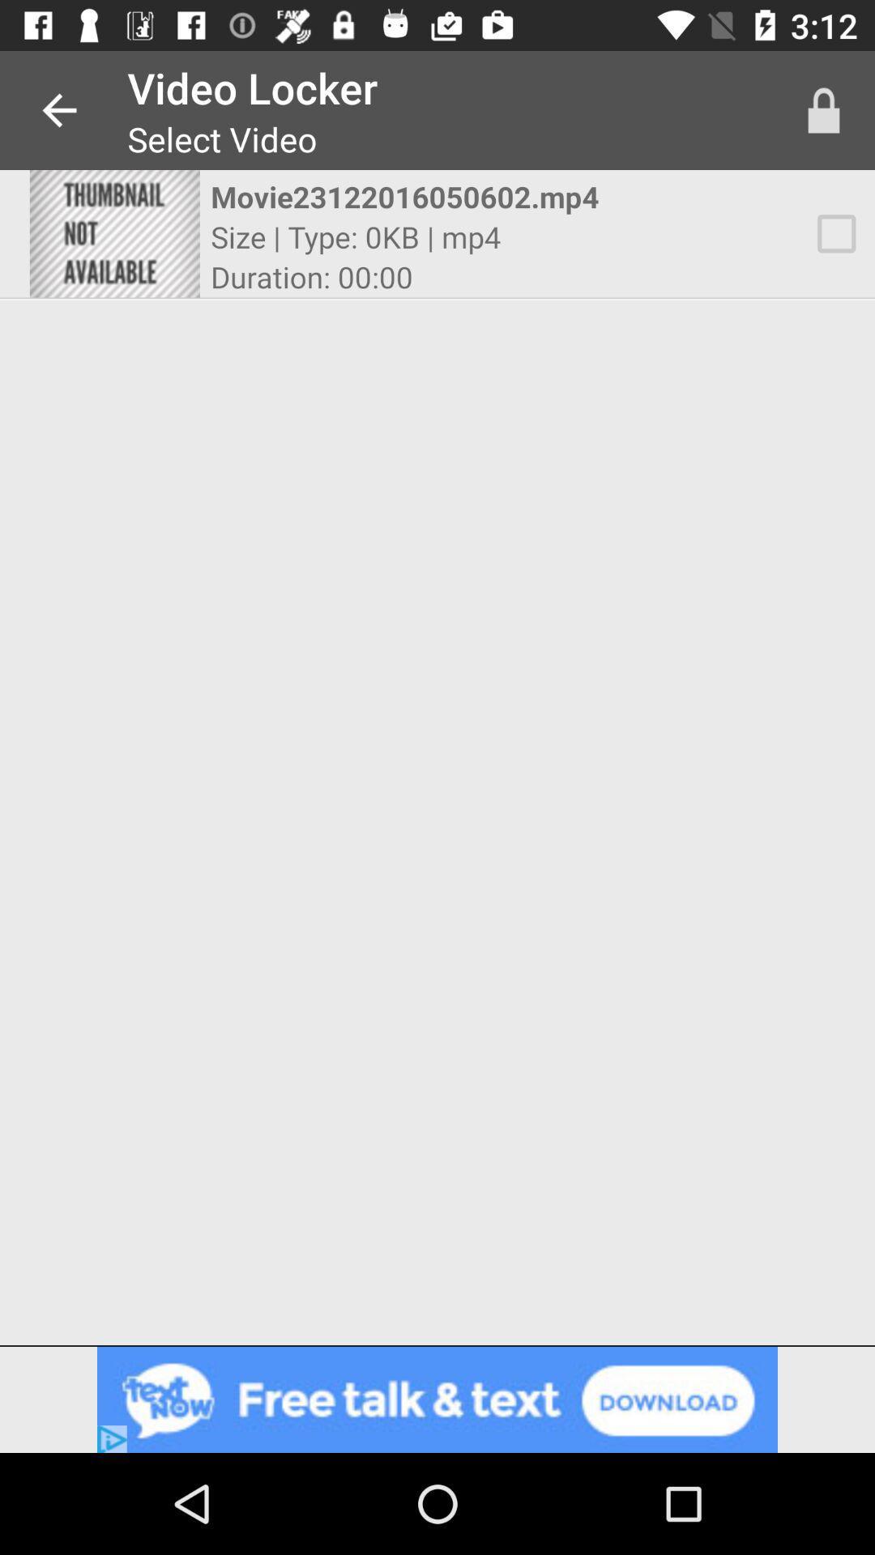 Image resolution: width=875 pixels, height=1555 pixels. I want to click on the item to the left of movie23122016050602.mp4 item, so click(113, 232).